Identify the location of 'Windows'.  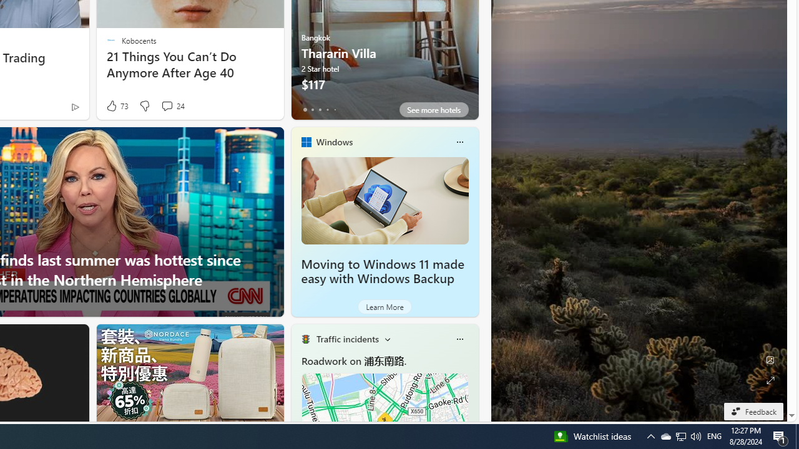
(334, 141).